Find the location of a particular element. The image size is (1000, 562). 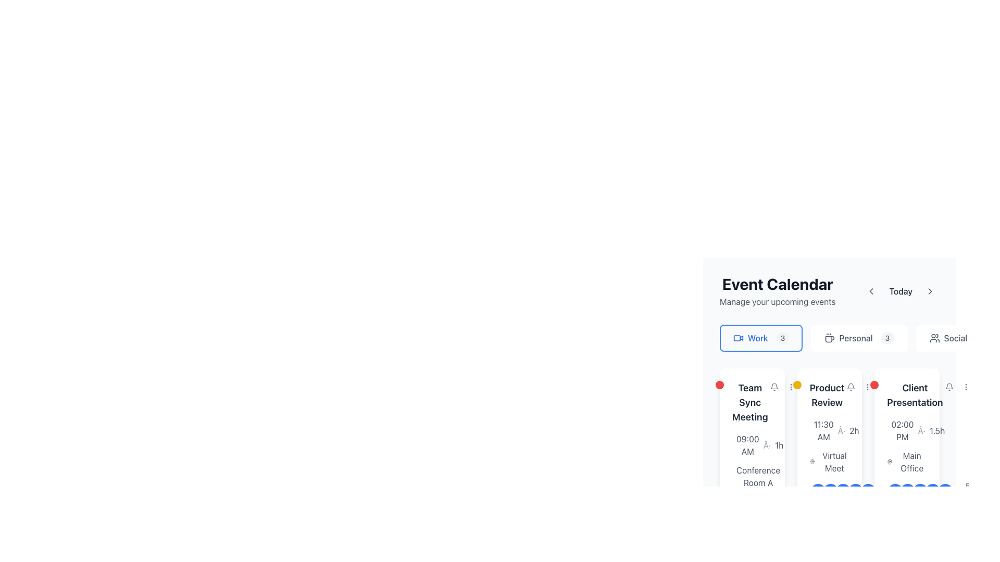

displayed time from the time label showing '11:30 AM' within the 'Product Review' calendar event card, positioned above 'Virtual Meet' is located at coordinates (823, 431).